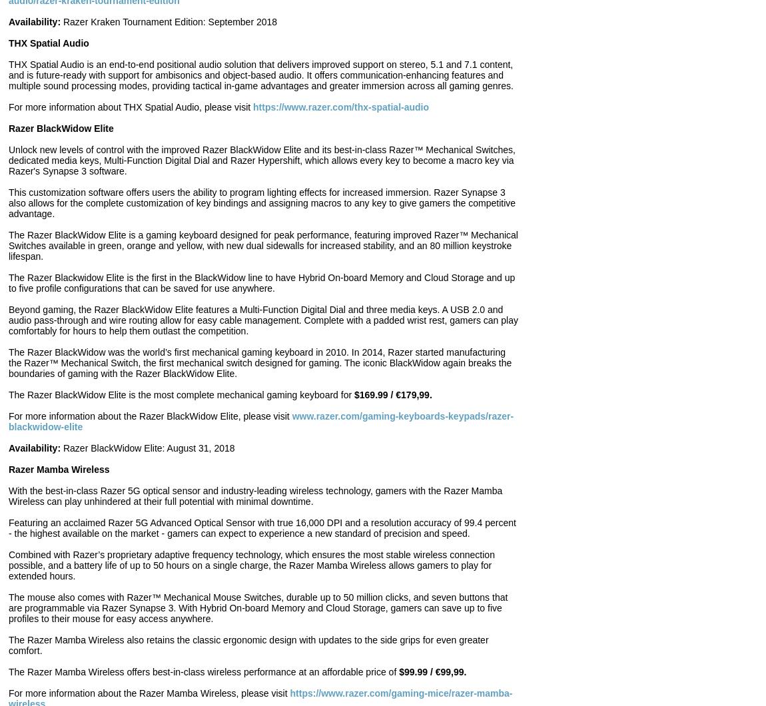  What do you see at coordinates (48, 43) in the screenshot?
I see `'THX Spatial Audio'` at bounding box center [48, 43].